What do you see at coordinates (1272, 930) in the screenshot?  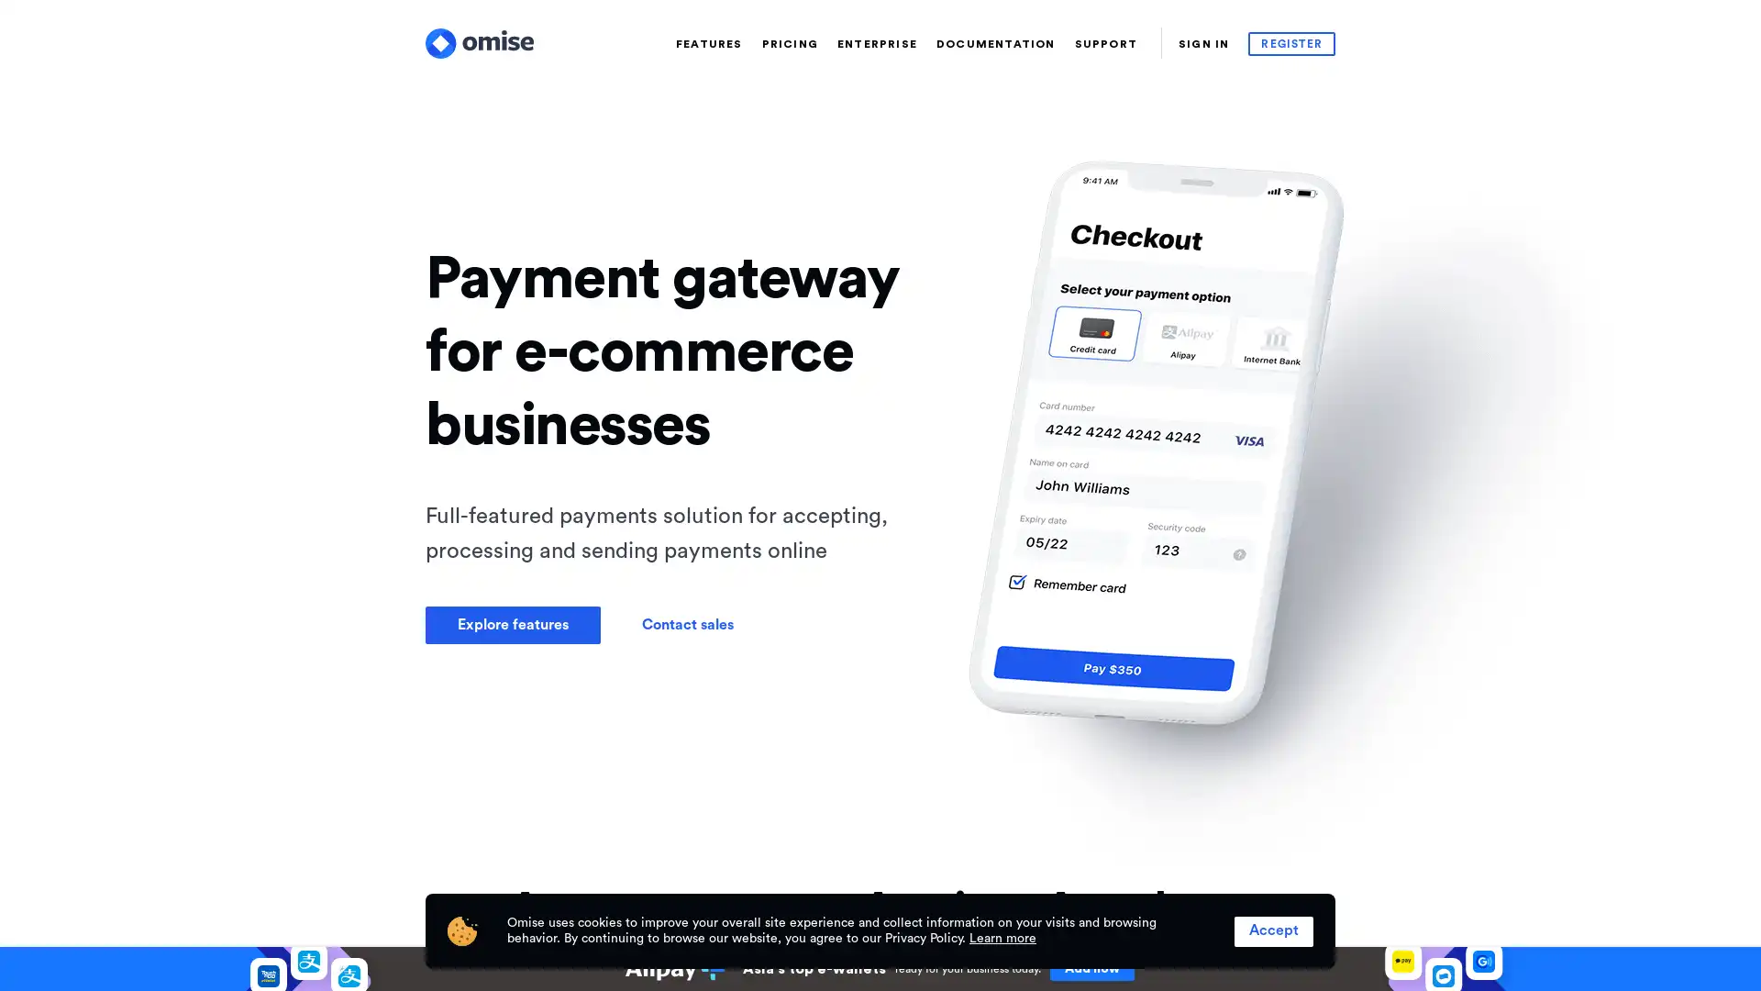 I see `Accept` at bounding box center [1272, 930].